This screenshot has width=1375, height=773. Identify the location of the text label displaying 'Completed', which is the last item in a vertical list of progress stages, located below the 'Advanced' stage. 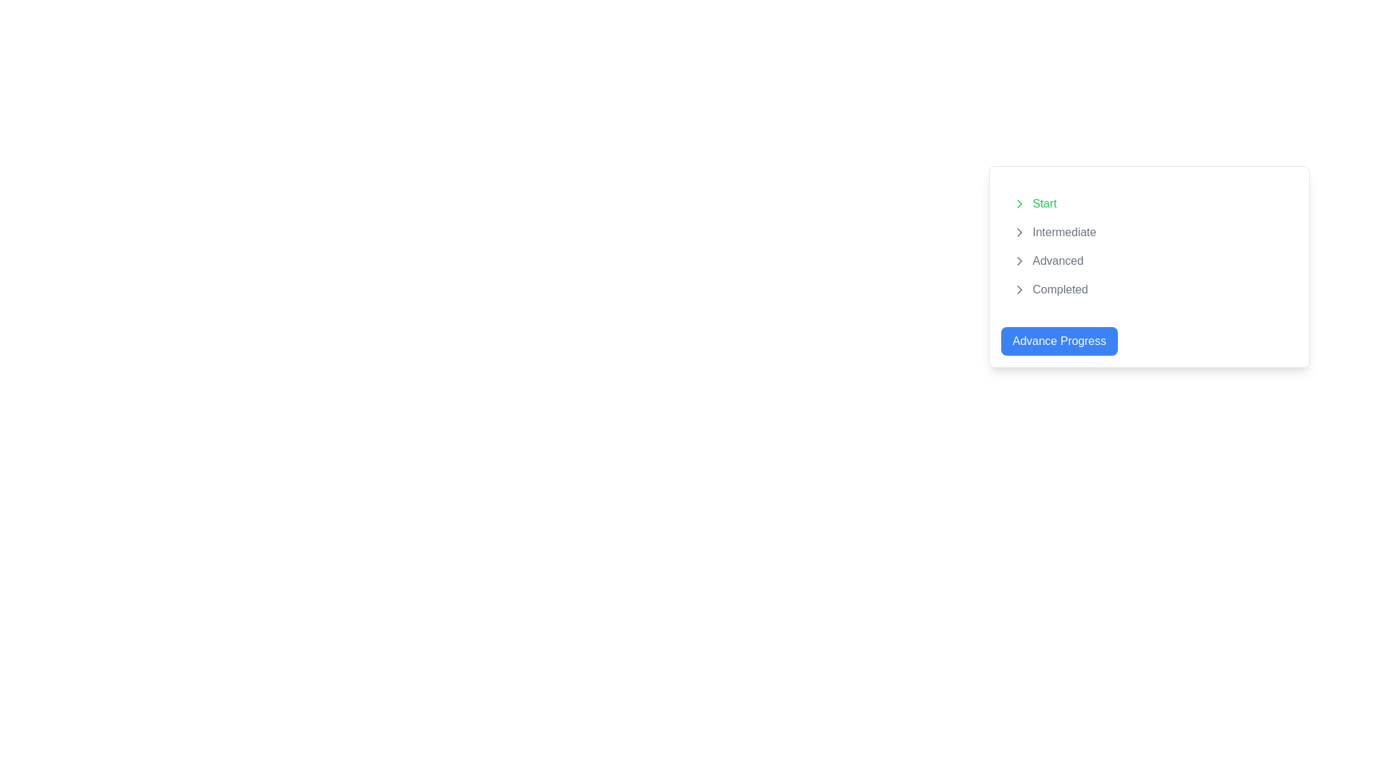
(1060, 290).